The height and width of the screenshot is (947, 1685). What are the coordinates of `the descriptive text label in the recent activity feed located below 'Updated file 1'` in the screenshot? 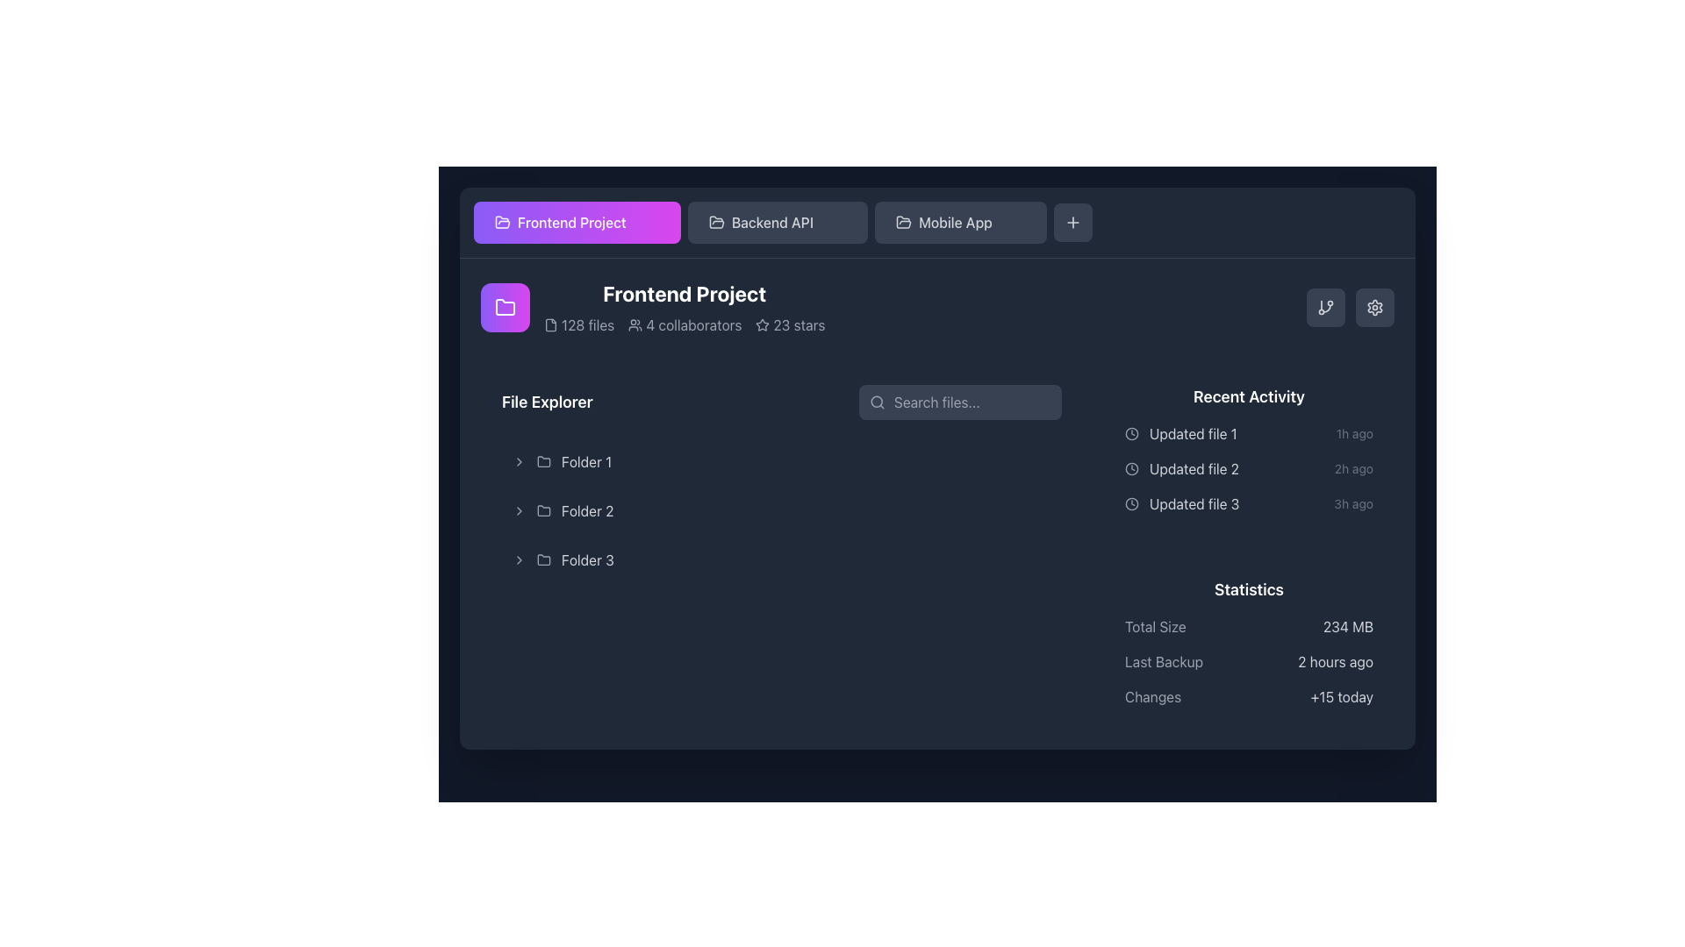 It's located at (1194, 468).